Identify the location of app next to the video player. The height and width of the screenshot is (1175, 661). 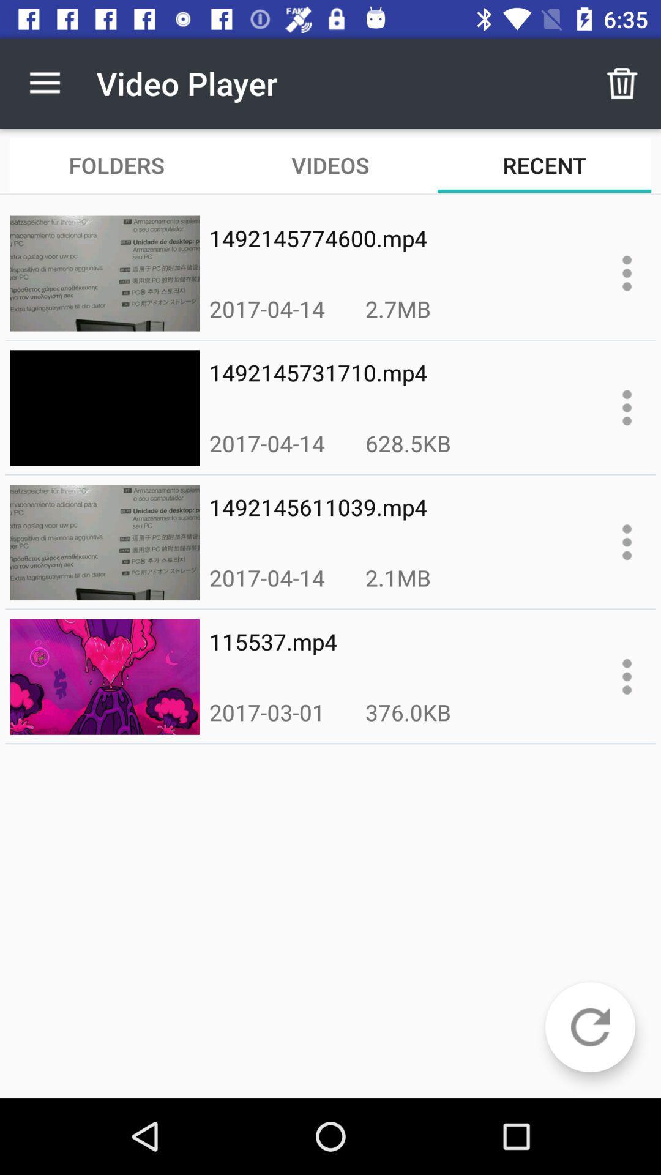
(44, 83).